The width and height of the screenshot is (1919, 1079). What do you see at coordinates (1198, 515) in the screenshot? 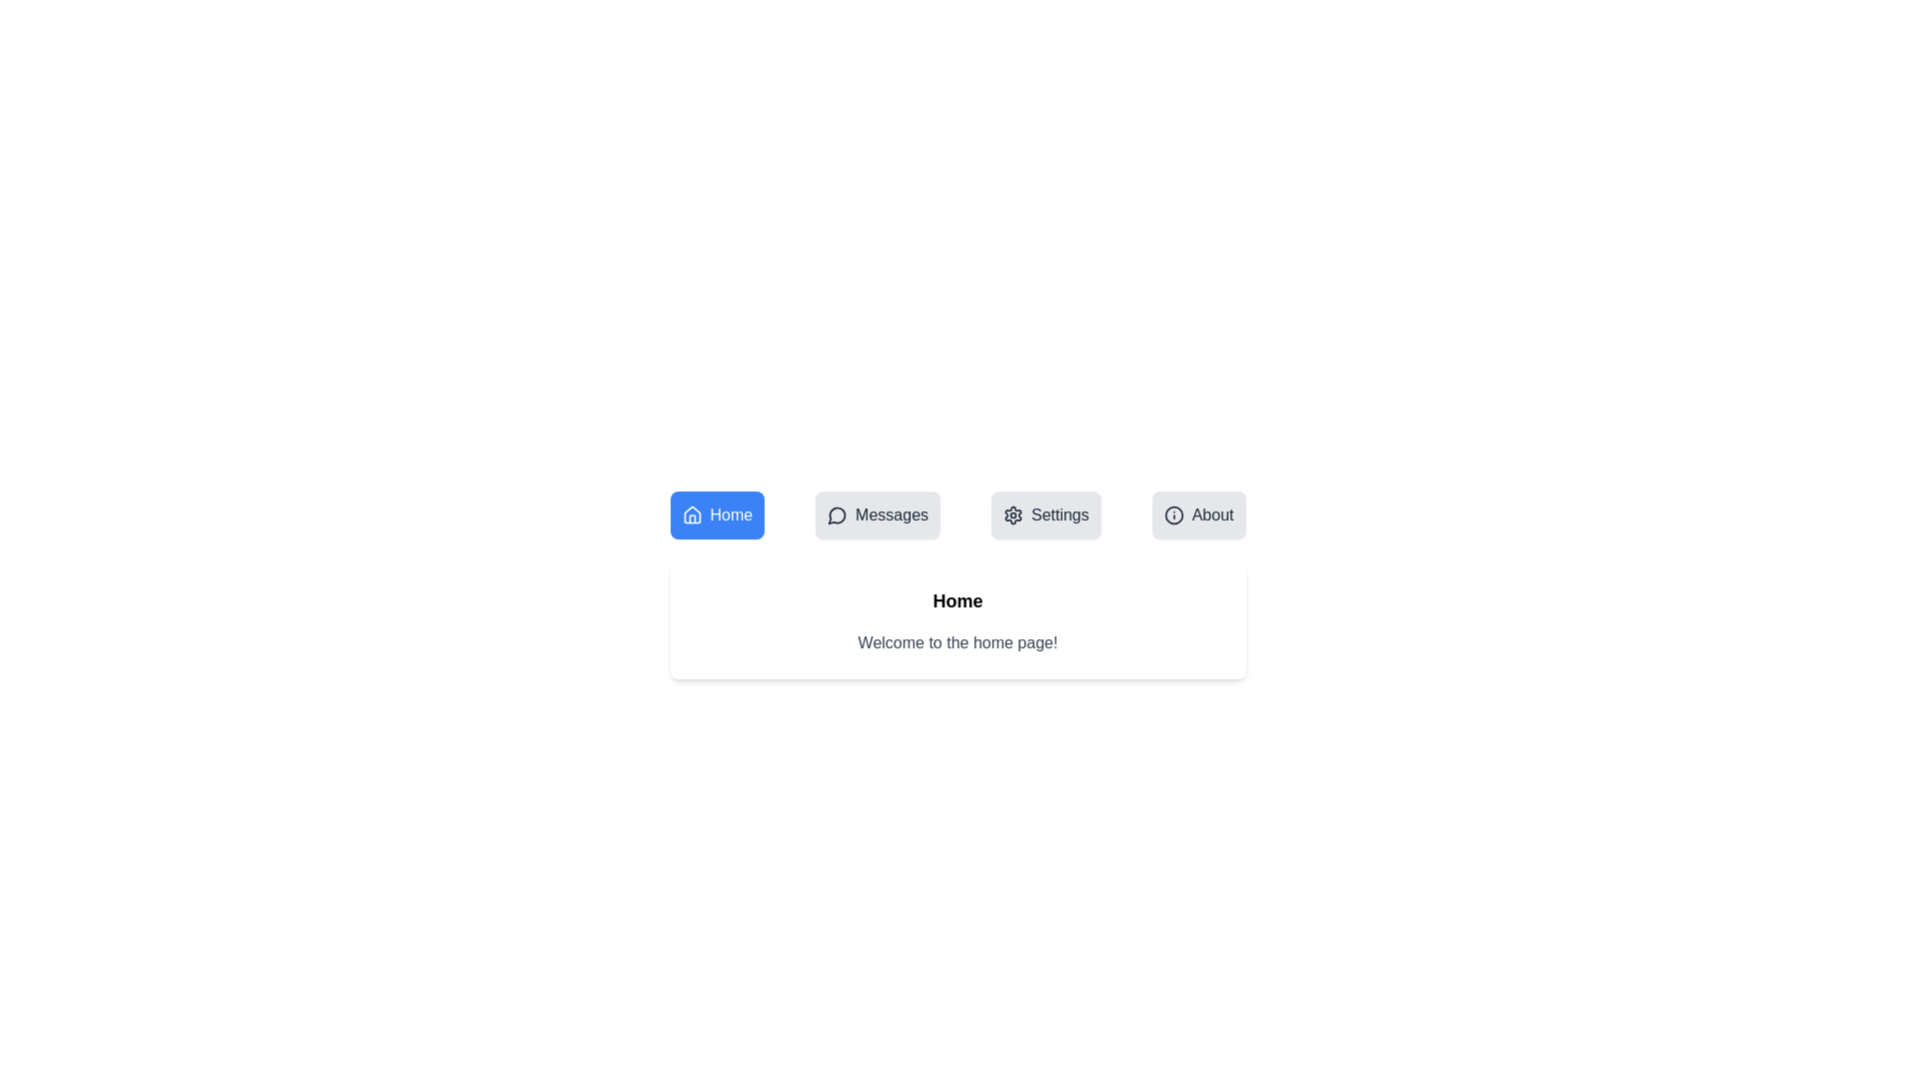
I see `the About tab` at bounding box center [1198, 515].